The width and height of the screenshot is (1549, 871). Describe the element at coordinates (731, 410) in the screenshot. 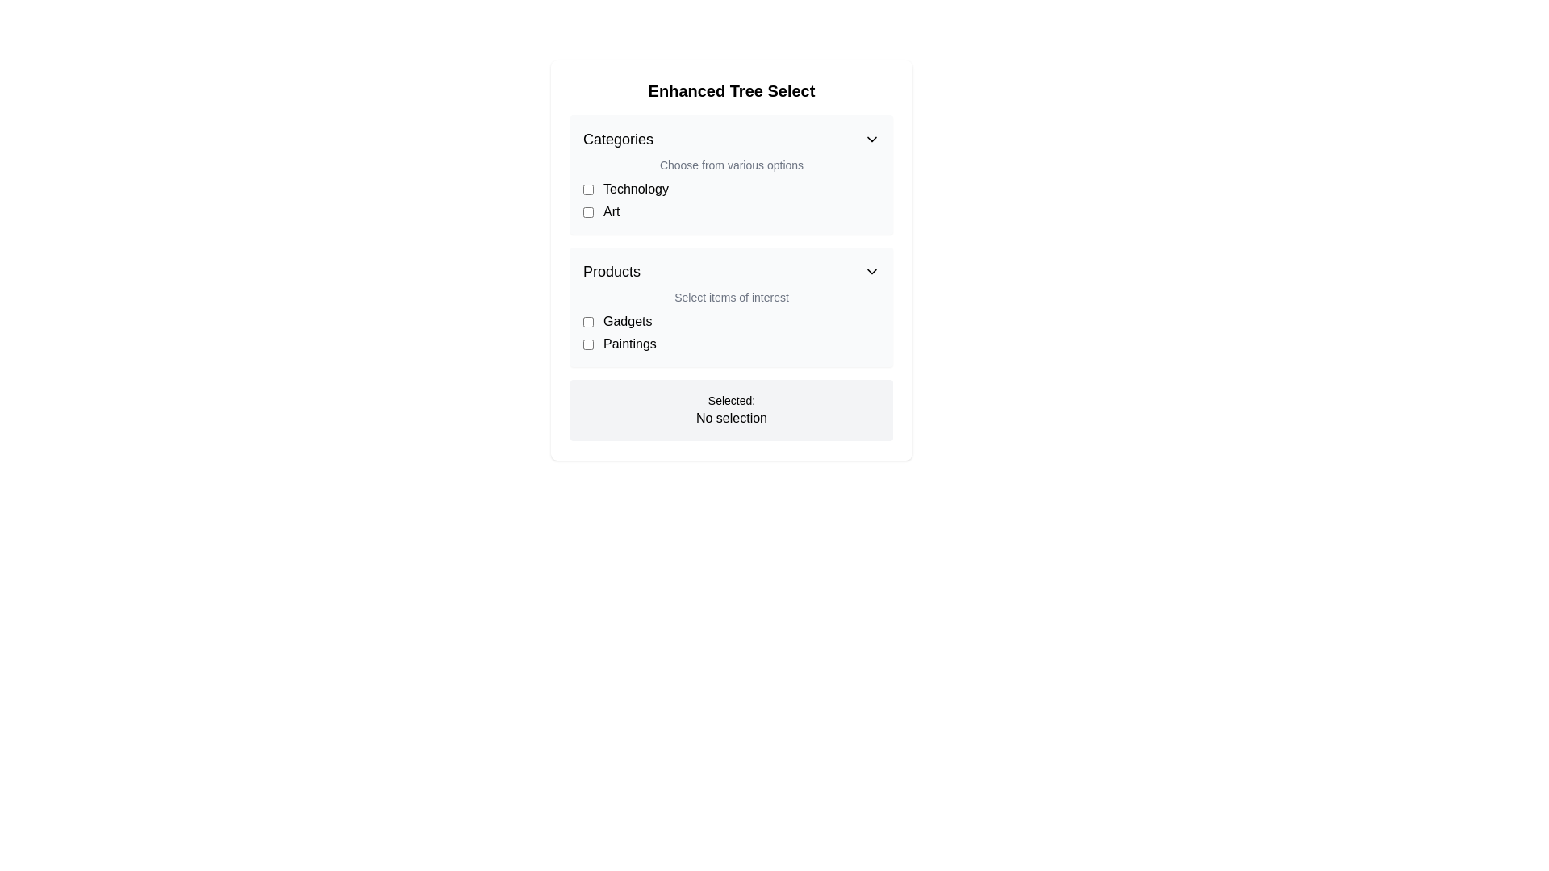

I see `the static informational display panel that shows 'Selected: No selection' with a light gray background and rounded corners` at that location.